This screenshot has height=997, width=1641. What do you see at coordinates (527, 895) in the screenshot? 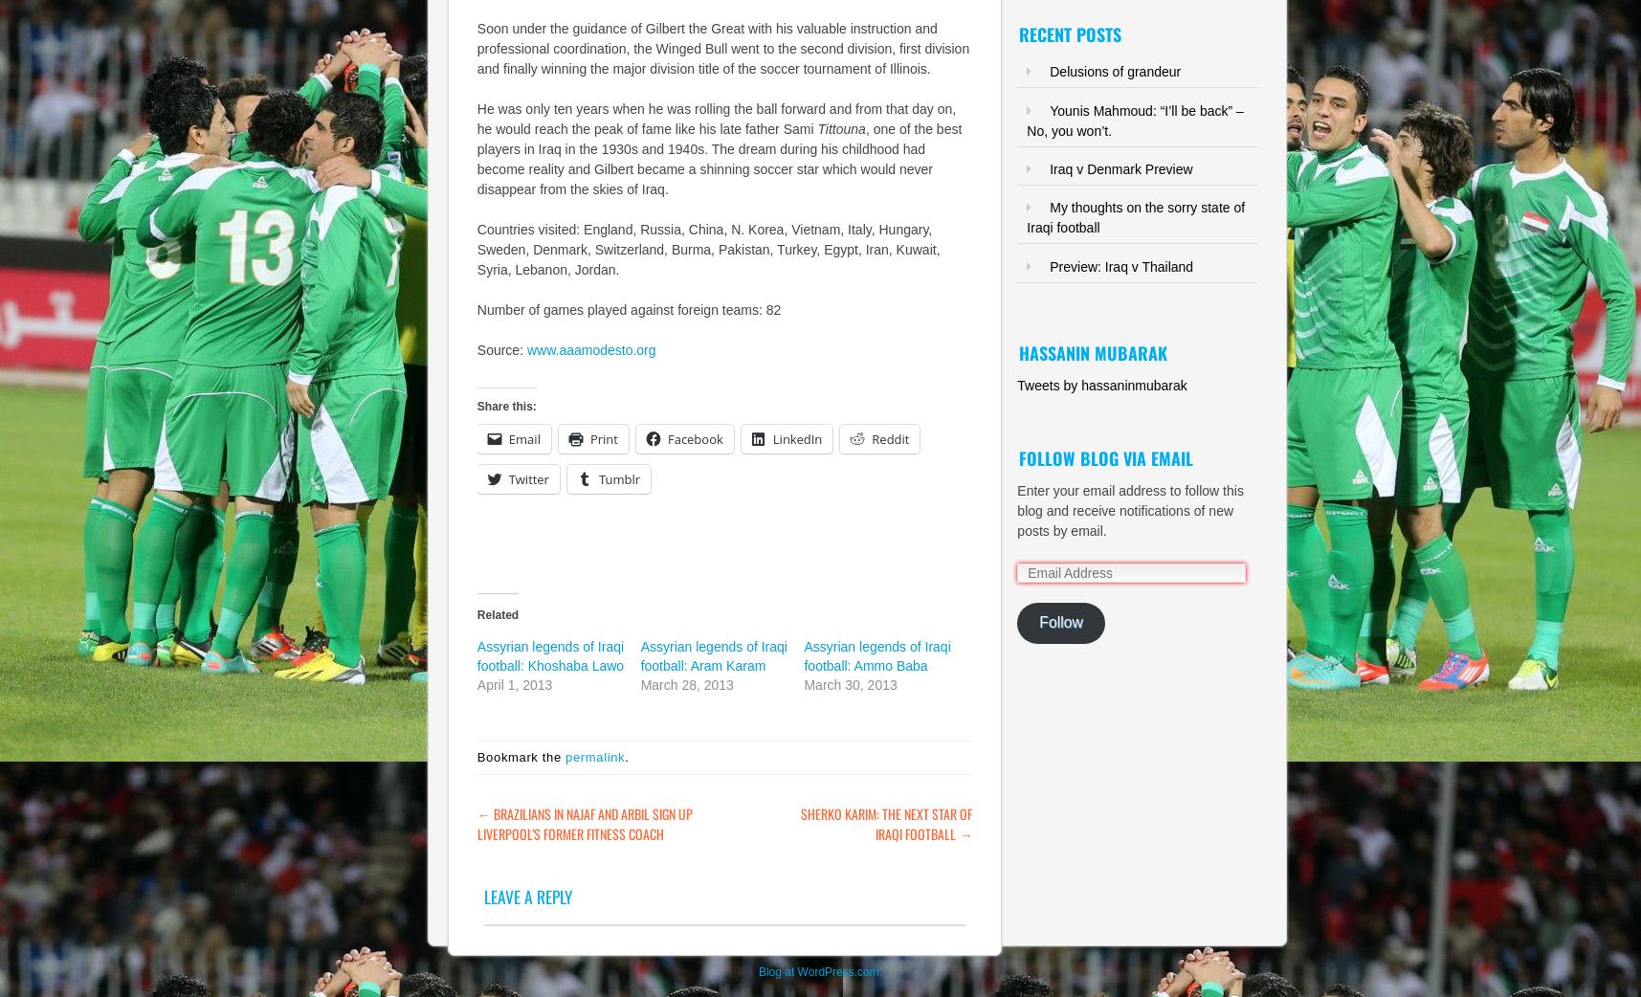
I see `'Leave a Reply'` at bounding box center [527, 895].